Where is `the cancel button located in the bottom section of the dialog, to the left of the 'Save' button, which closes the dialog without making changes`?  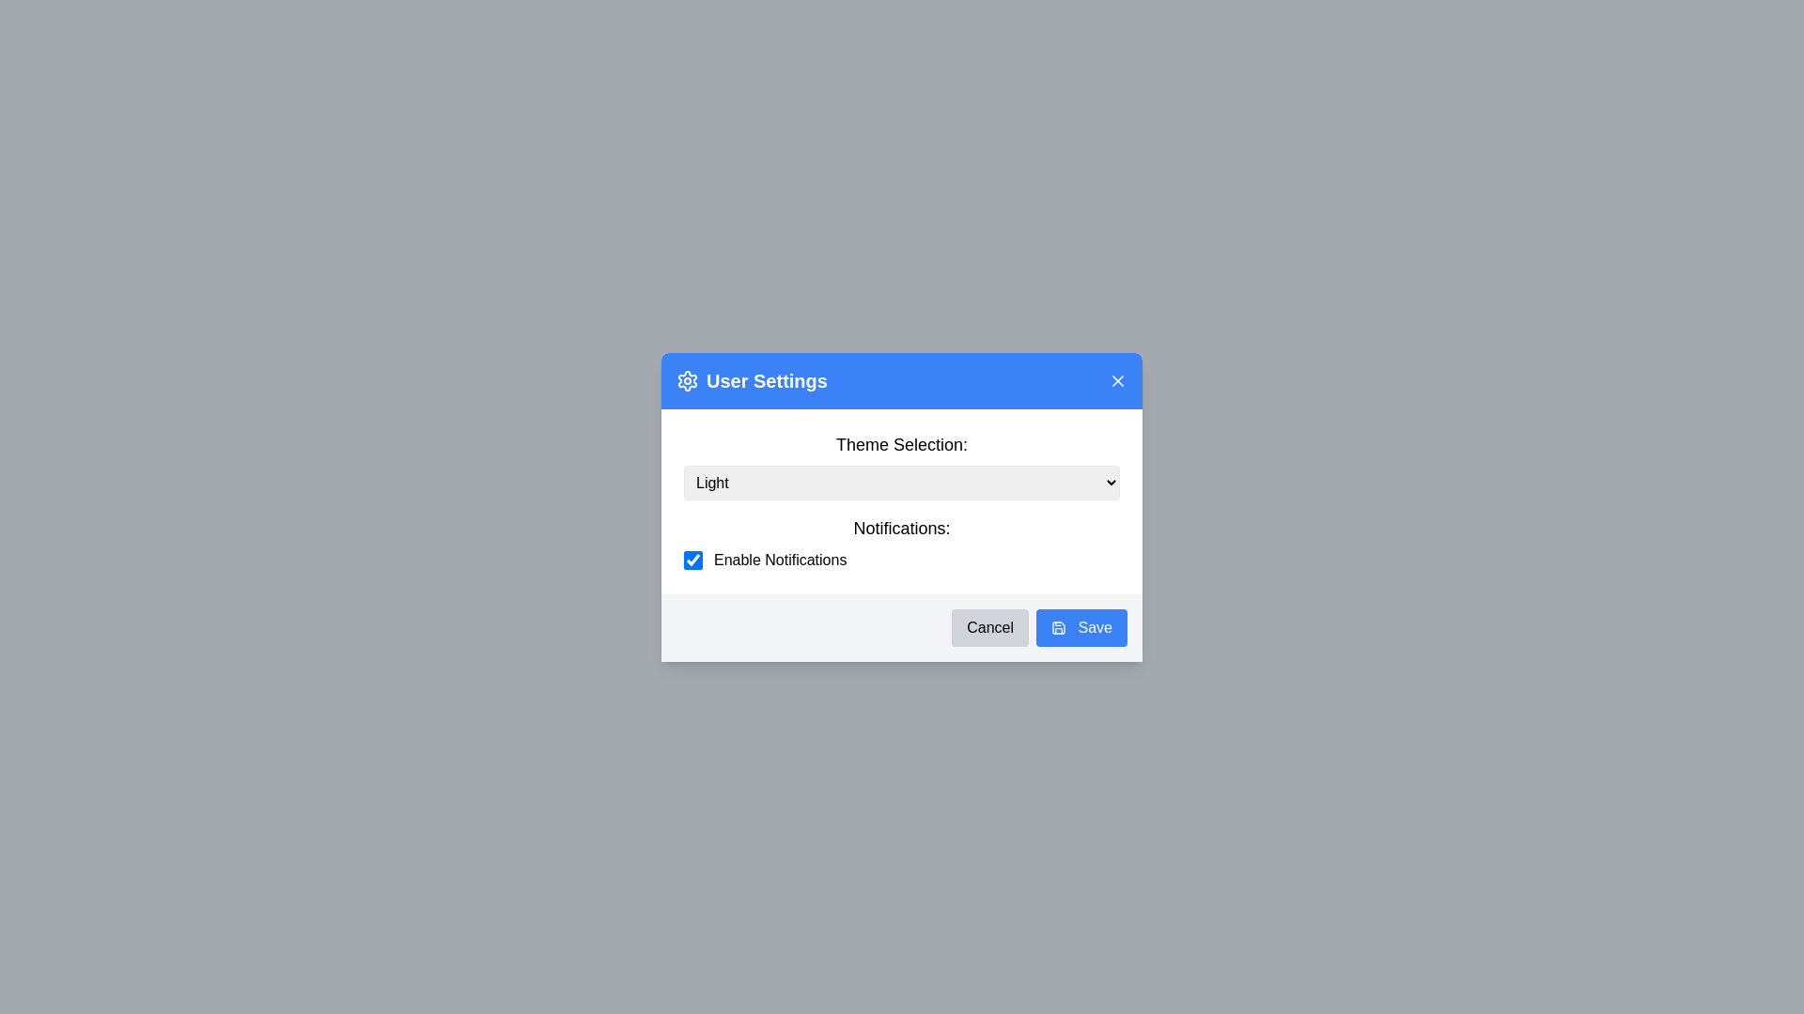
the cancel button located in the bottom section of the dialog, to the left of the 'Save' button, which closes the dialog without making changes is located at coordinates (989, 627).